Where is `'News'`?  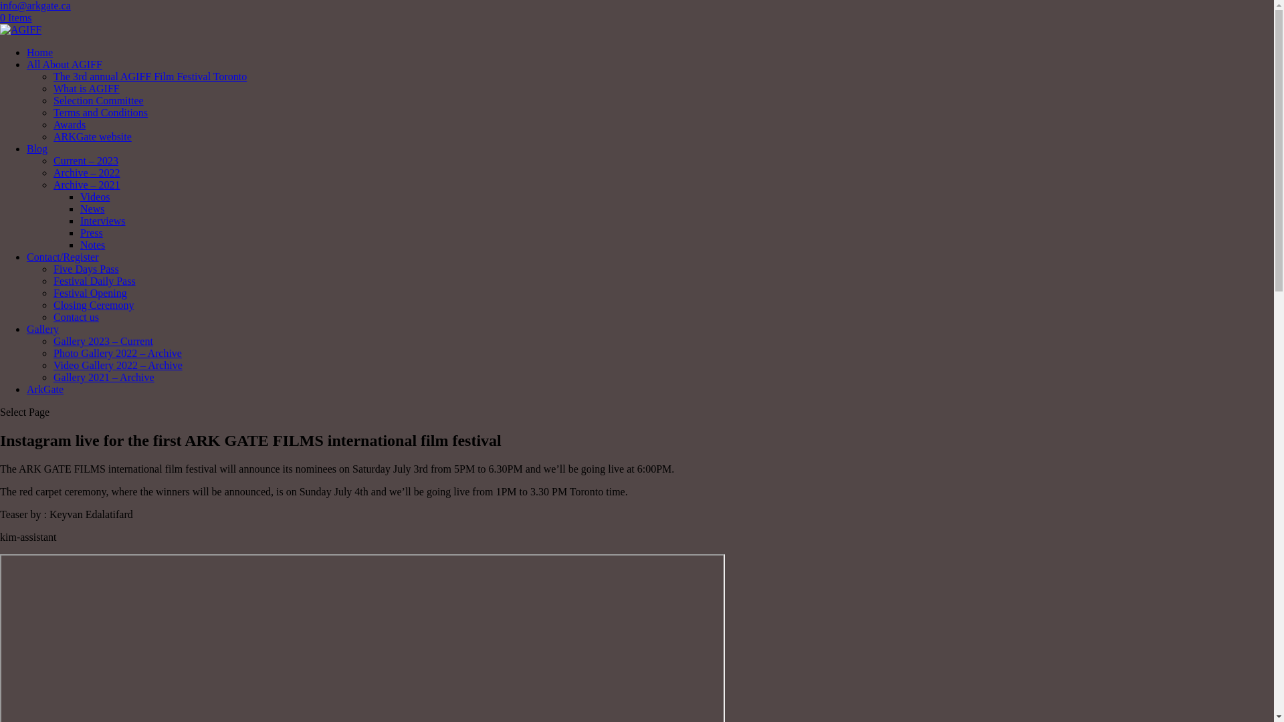
'News' is located at coordinates (92, 209).